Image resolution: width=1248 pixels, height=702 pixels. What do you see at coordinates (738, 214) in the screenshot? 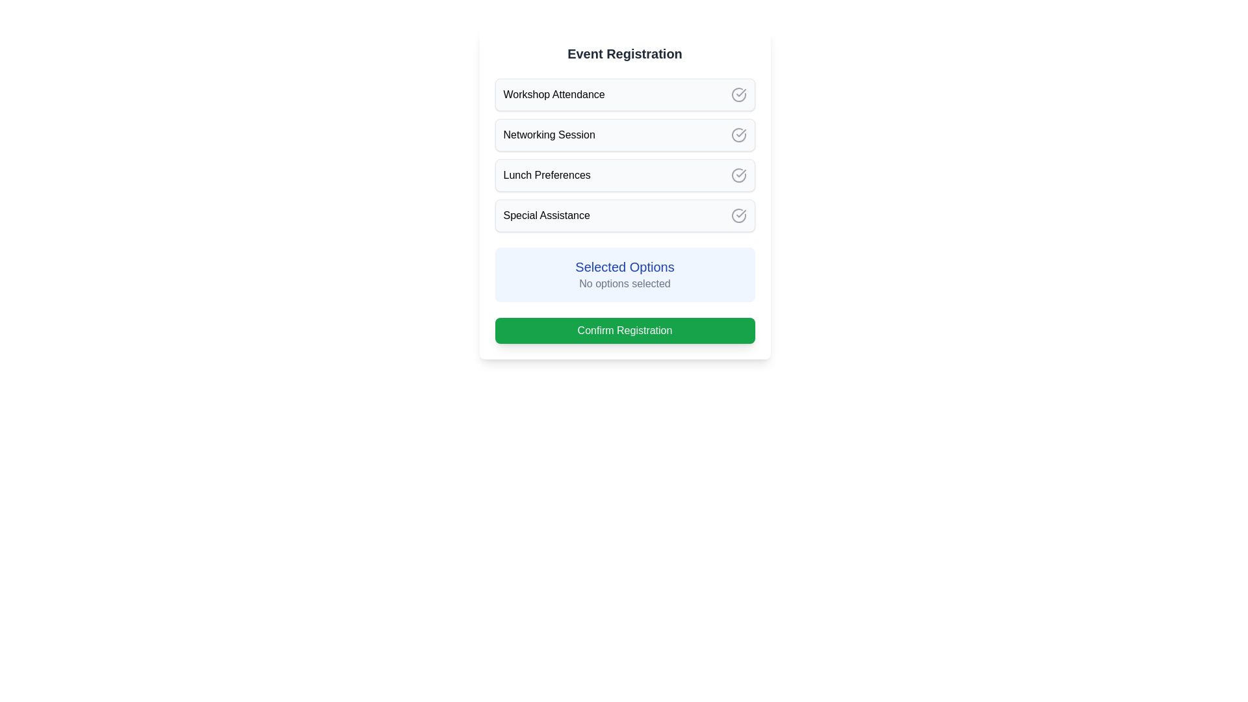
I see `the status indicator icon styled as a circle with a checkmark that indicates the selection status of the 'Special Assistance' option, located at the far right of the row labeled 'Special Assistance'` at bounding box center [738, 214].